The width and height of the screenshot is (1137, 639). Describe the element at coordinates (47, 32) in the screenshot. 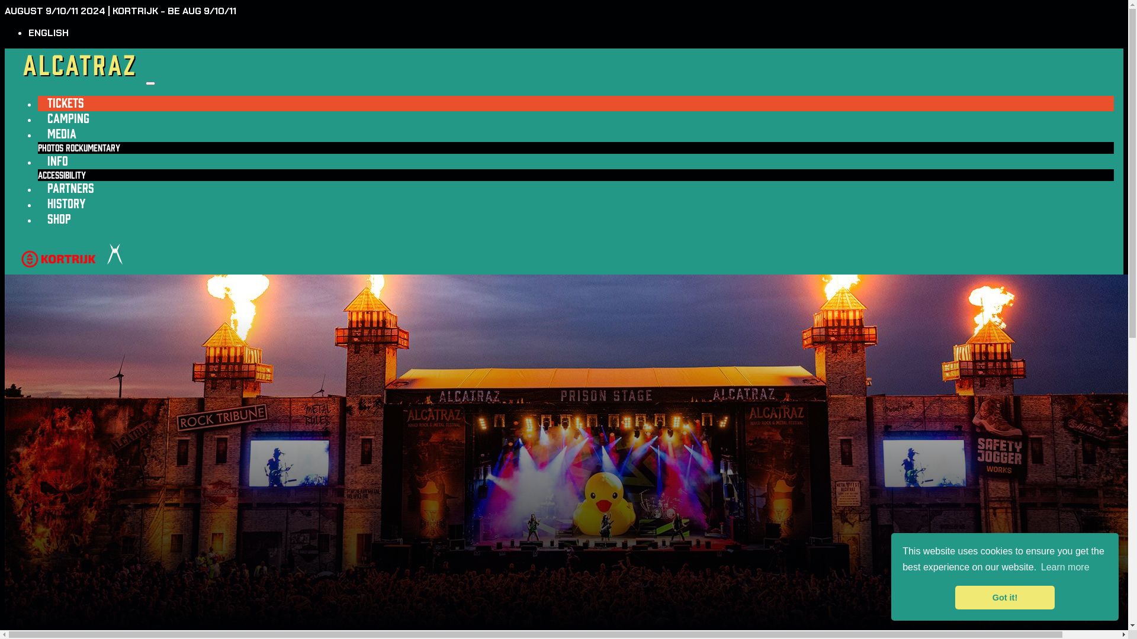

I see `'ENGLISH'` at that location.